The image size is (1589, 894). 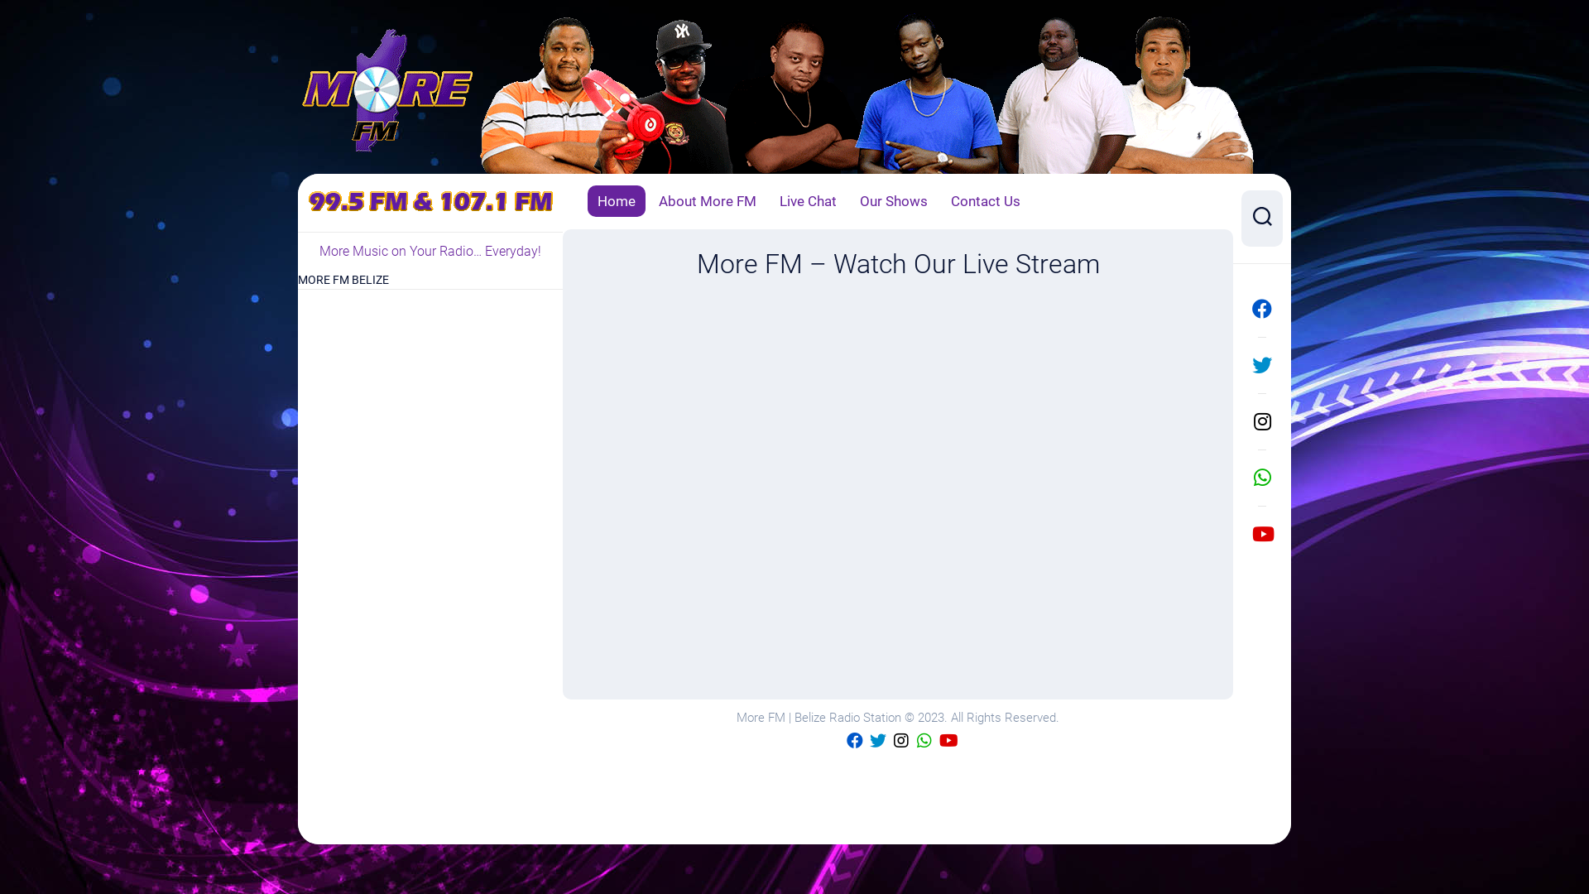 What do you see at coordinates (893, 200) in the screenshot?
I see `'Our Shows'` at bounding box center [893, 200].